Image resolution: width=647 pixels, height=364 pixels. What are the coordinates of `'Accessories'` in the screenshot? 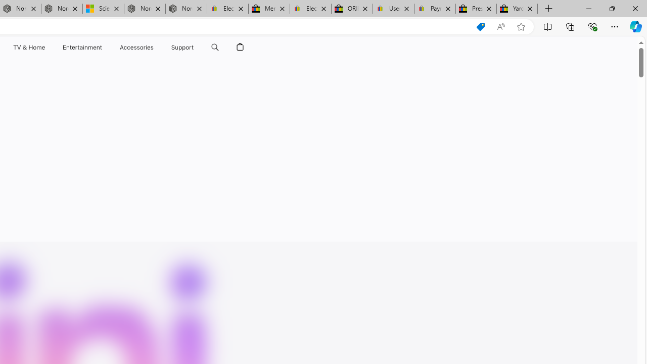 It's located at (136, 47).